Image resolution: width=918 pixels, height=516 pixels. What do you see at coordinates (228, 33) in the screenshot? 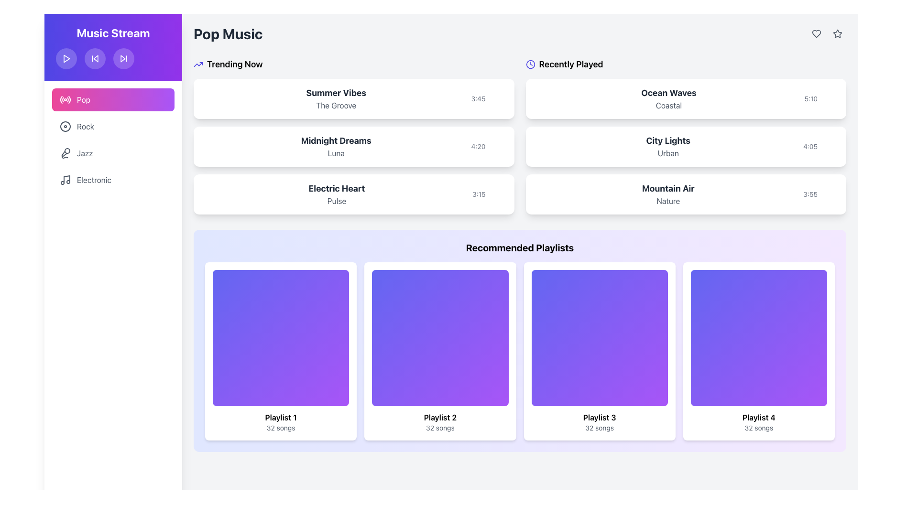
I see `the Text Label indicating the genre 'Pop Music', located in the top-left quadrant of the main content area, directly to the right of the purple sidebar` at bounding box center [228, 33].